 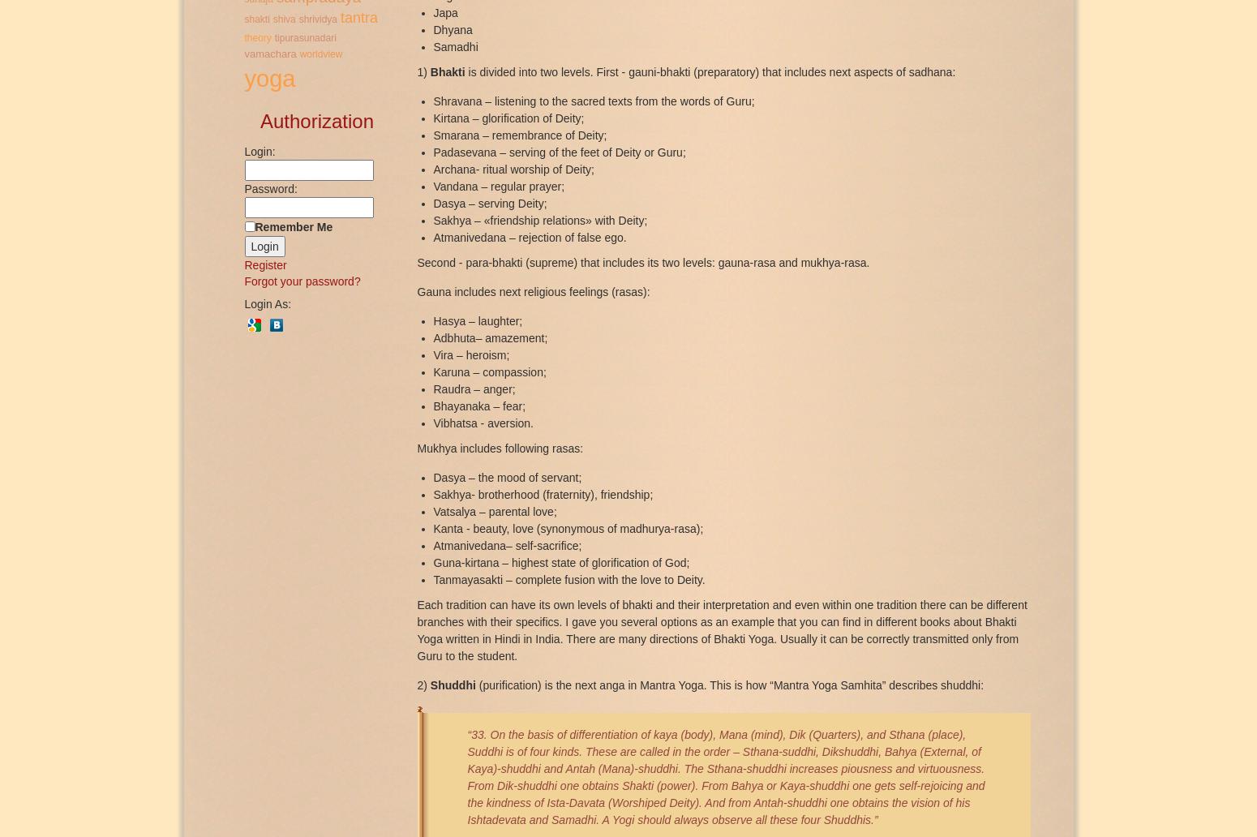 What do you see at coordinates (641, 262) in the screenshot?
I see `'Second - para-bhakti (supreme) that includes its two levels: gauna-rasa and mukhya-rasa.'` at bounding box center [641, 262].